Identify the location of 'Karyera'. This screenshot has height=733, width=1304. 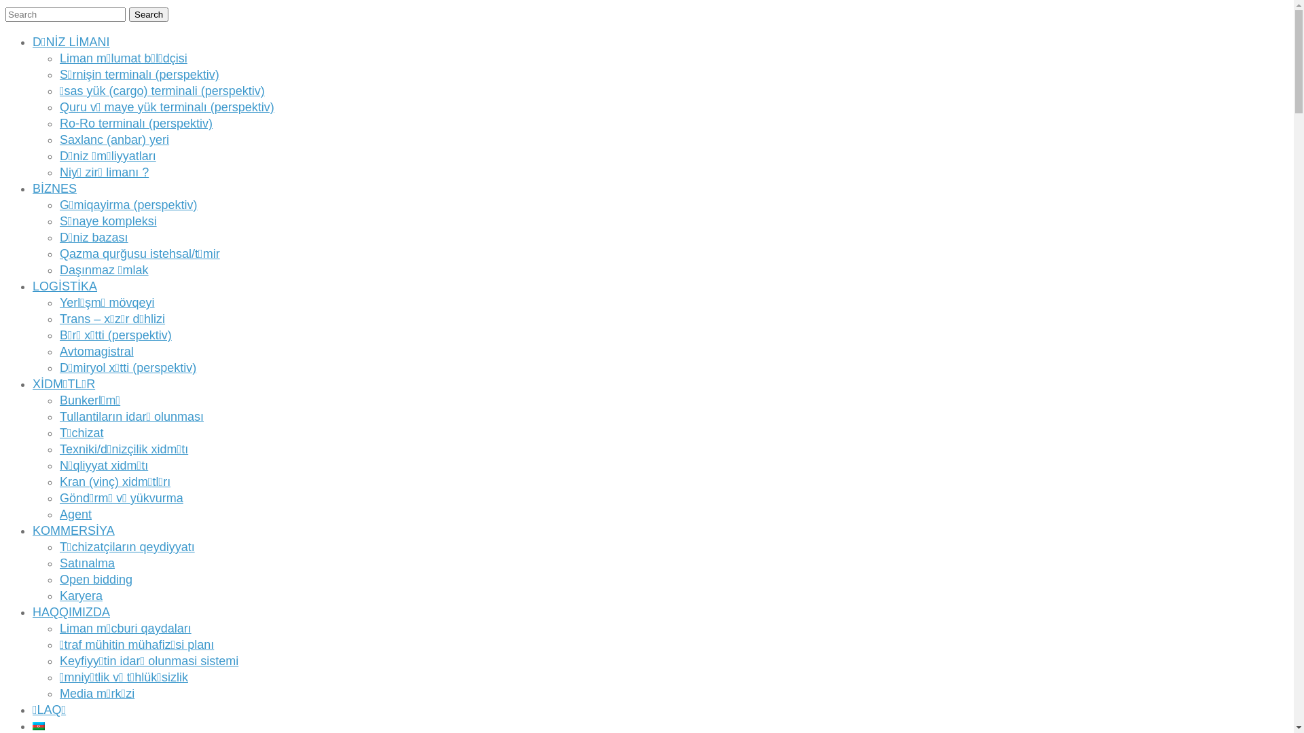
(58, 595).